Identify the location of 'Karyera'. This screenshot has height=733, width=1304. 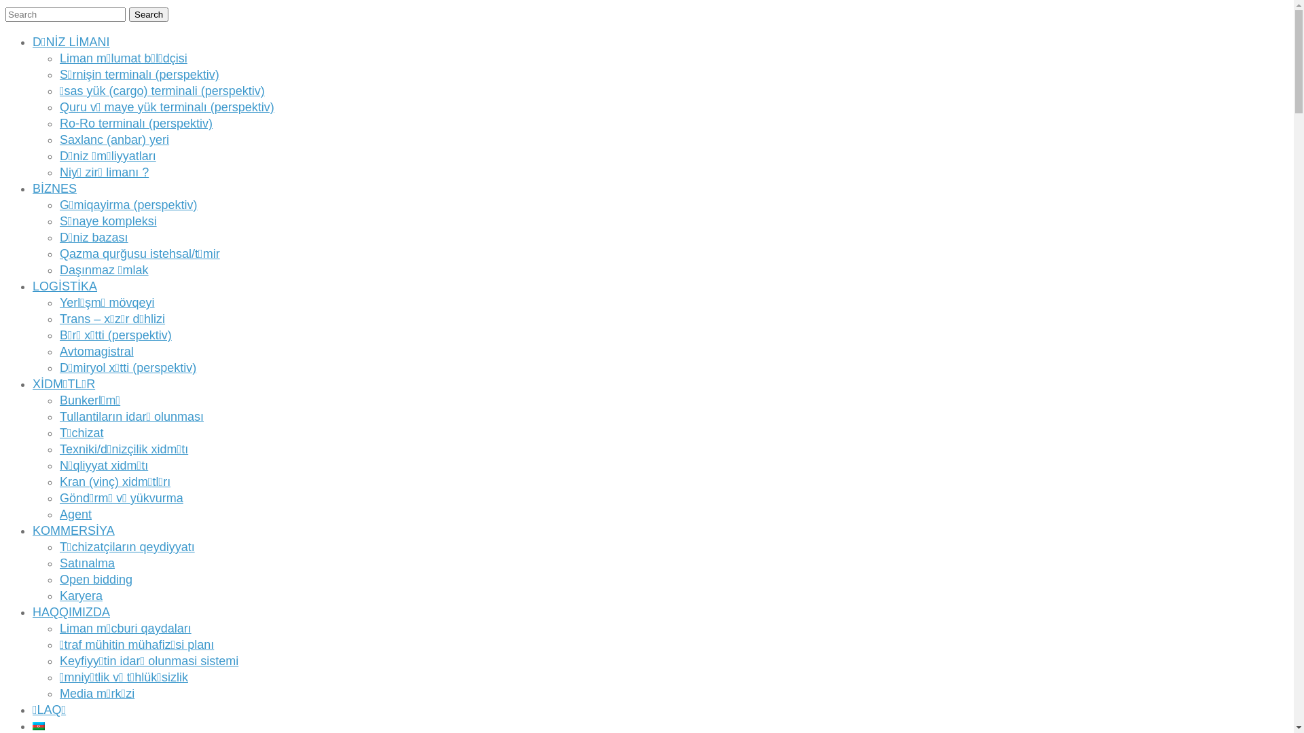
(58, 595).